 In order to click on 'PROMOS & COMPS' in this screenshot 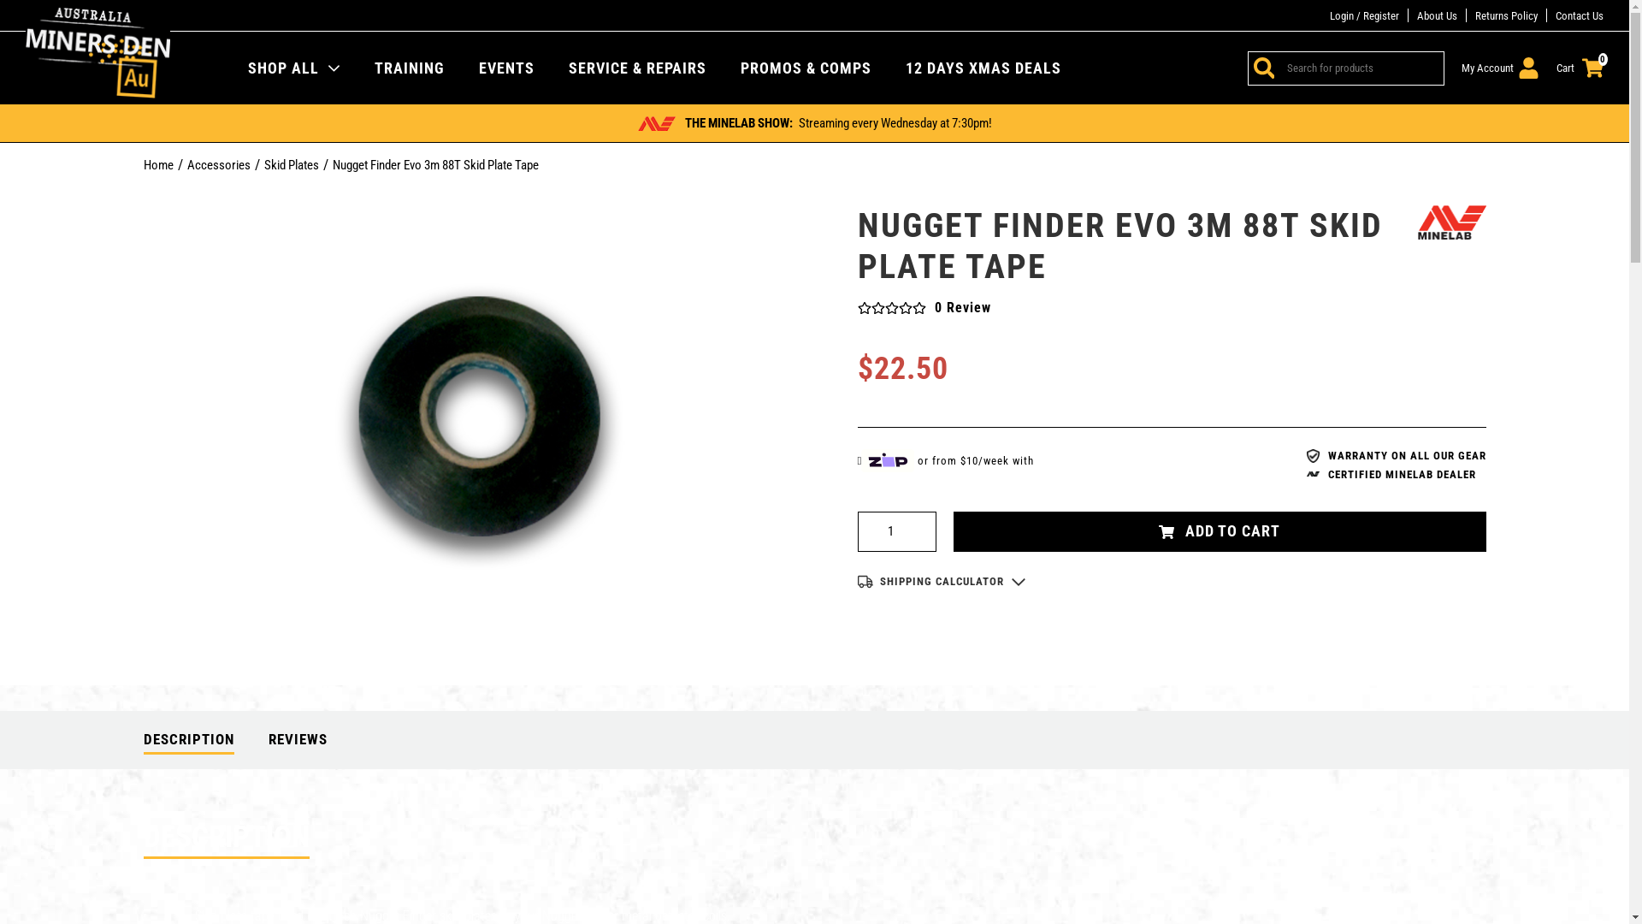, I will do `click(805, 66)`.